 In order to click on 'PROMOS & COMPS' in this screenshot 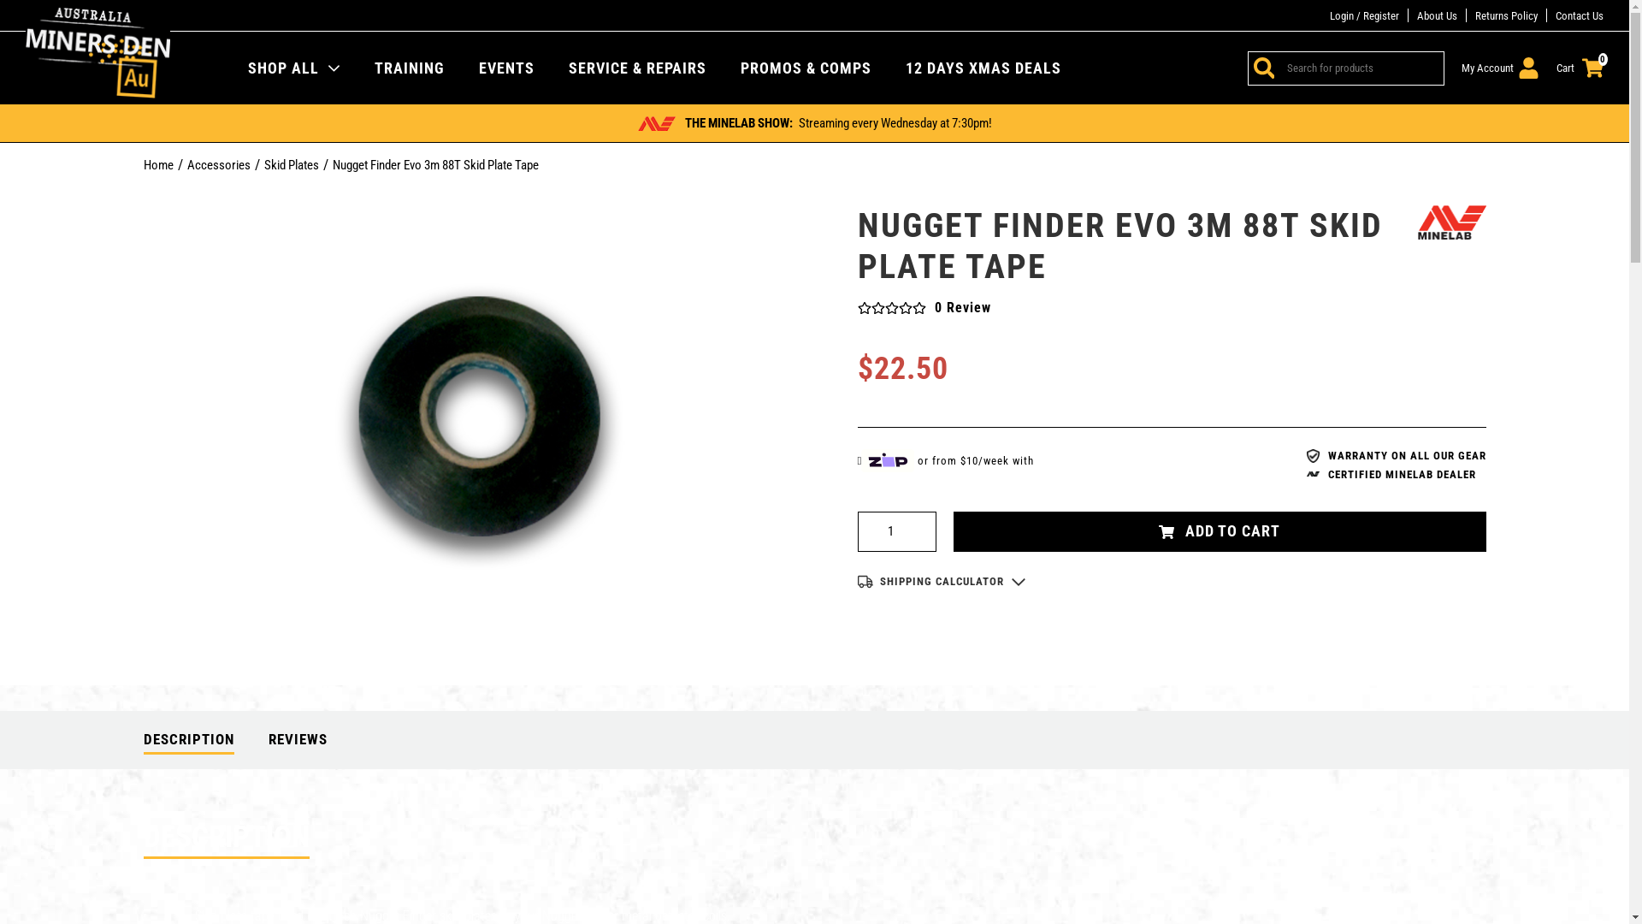, I will do `click(805, 66)`.